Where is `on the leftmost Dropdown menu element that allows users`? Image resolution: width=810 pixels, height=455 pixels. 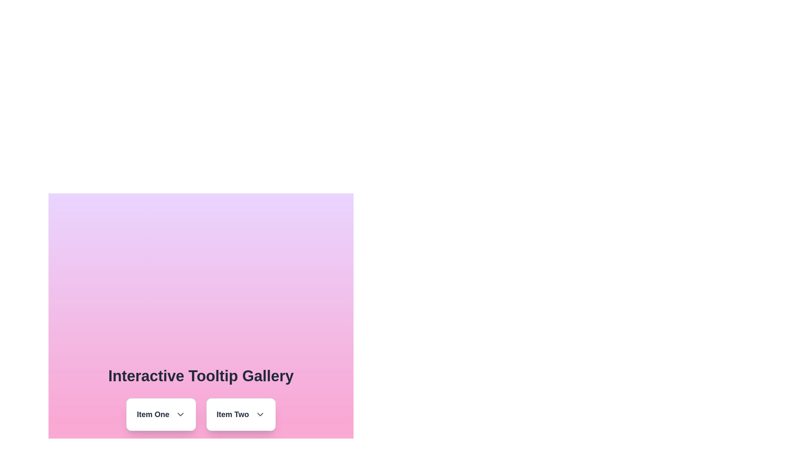 on the leftmost Dropdown menu element that allows users is located at coordinates (161, 414).